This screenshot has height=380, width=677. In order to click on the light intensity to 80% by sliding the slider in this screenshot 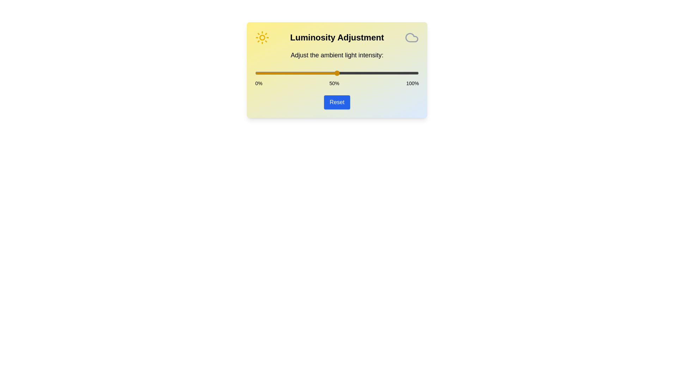, I will do `click(386, 73)`.